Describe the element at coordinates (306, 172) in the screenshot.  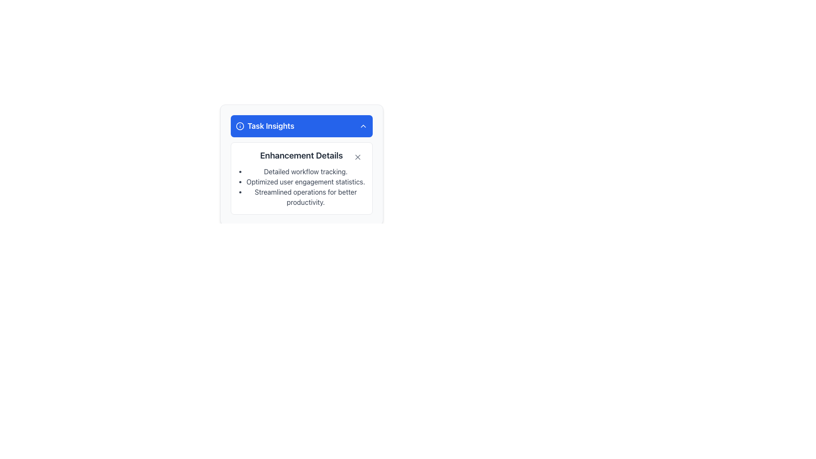
I see `the textual content 'Detailed workflow tracking.' which is the first item in a bullet list under the heading 'Enhancement Details.'` at that location.